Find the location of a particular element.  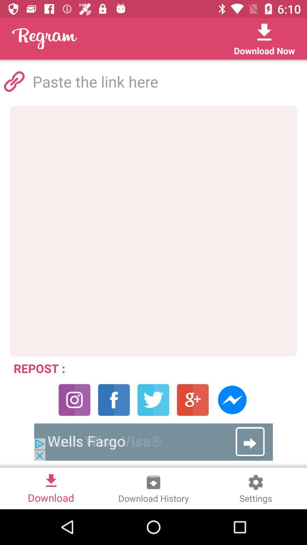

the facebook icon is located at coordinates (114, 399).